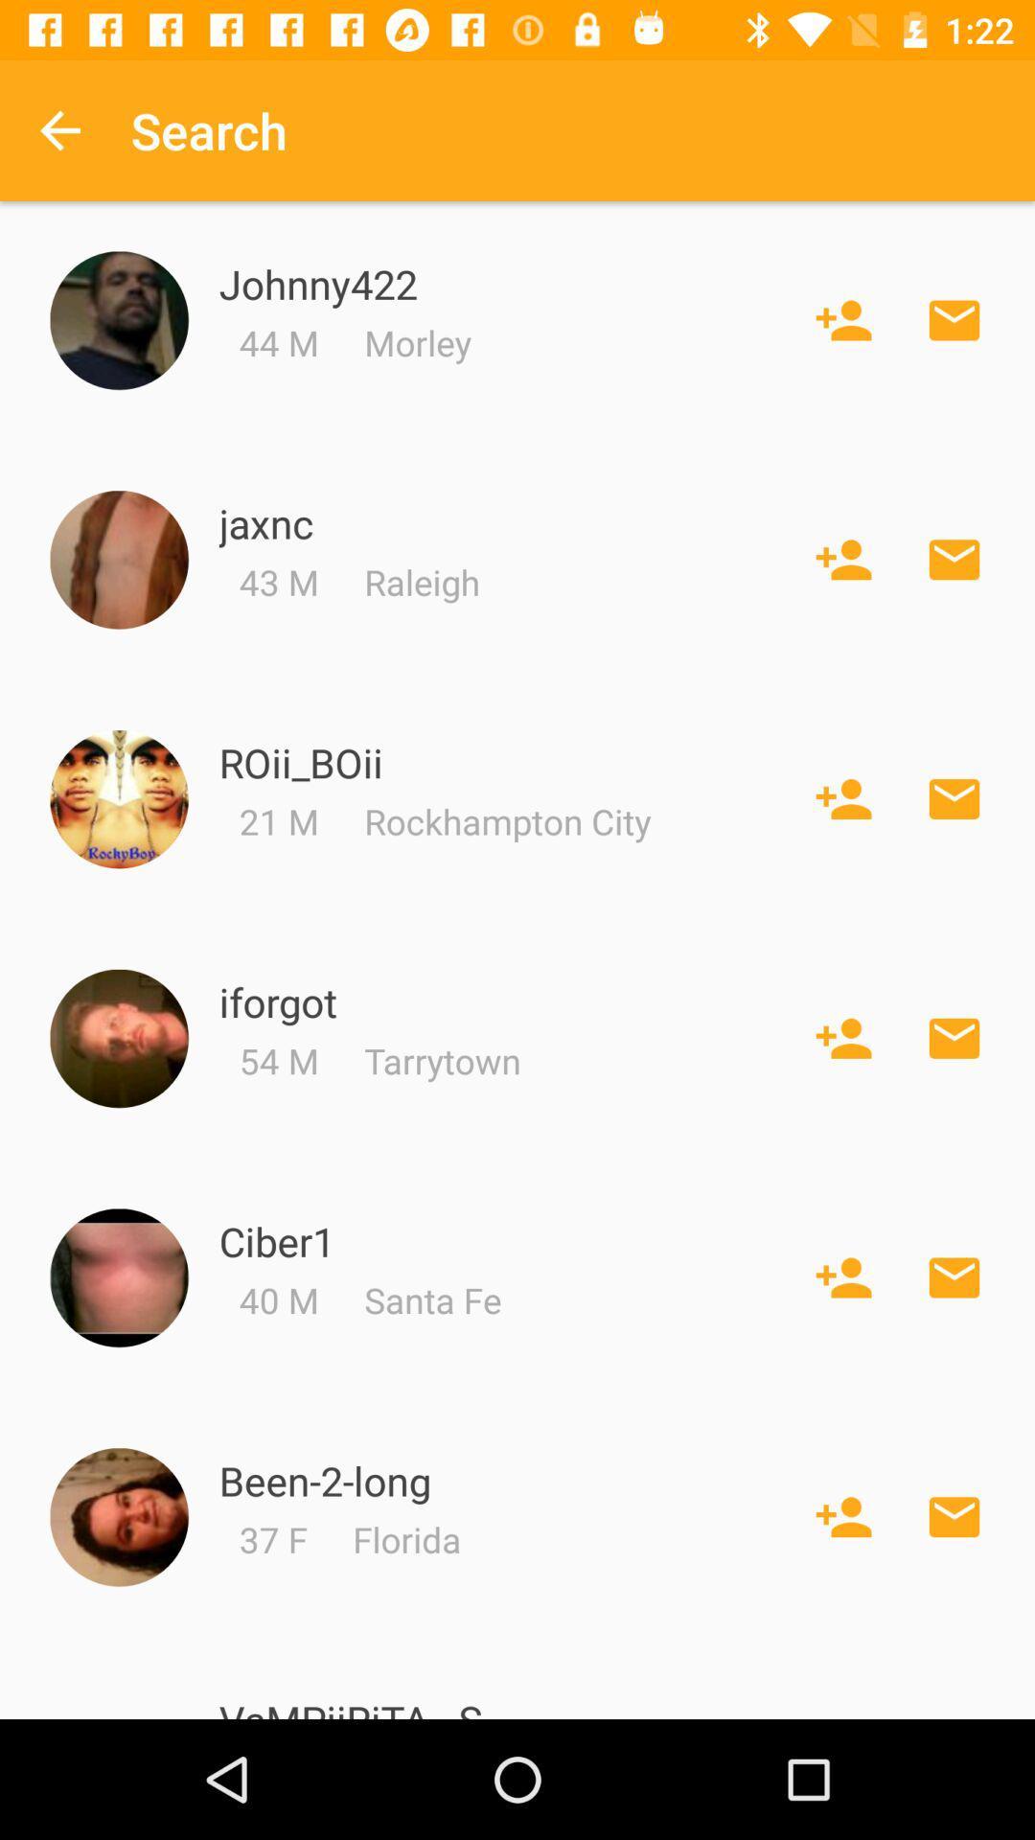 The height and width of the screenshot is (1840, 1035). I want to click on profile, so click(119, 559).